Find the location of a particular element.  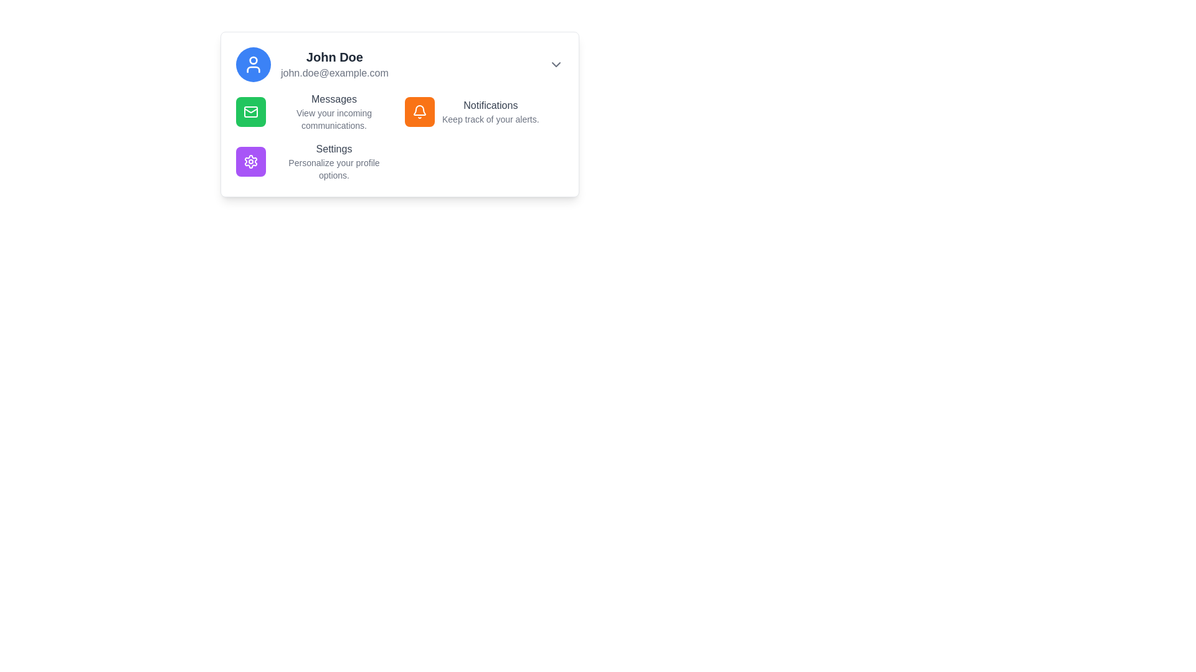

the text label that says 'View your incoming communications.', which is styled in a smaller gray font and positioned directly below the 'Messages' heading is located at coordinates (334, 119).